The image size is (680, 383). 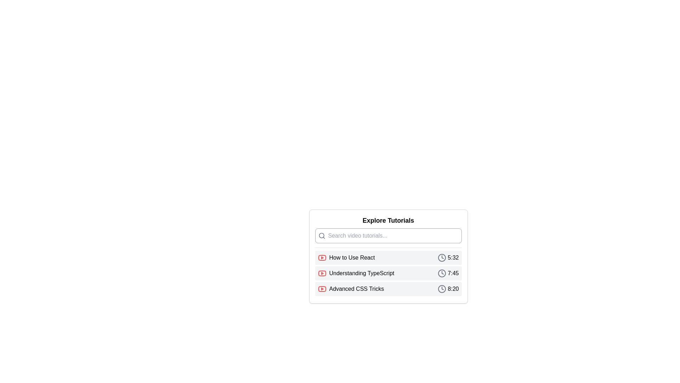 What do you see at coordinates (442, 273) in the screenshot?
I see `the gray SVG clock icon located to the left of the text '7:45' in the 'Explore Tutorials' section` at bounding box center [442, 273].